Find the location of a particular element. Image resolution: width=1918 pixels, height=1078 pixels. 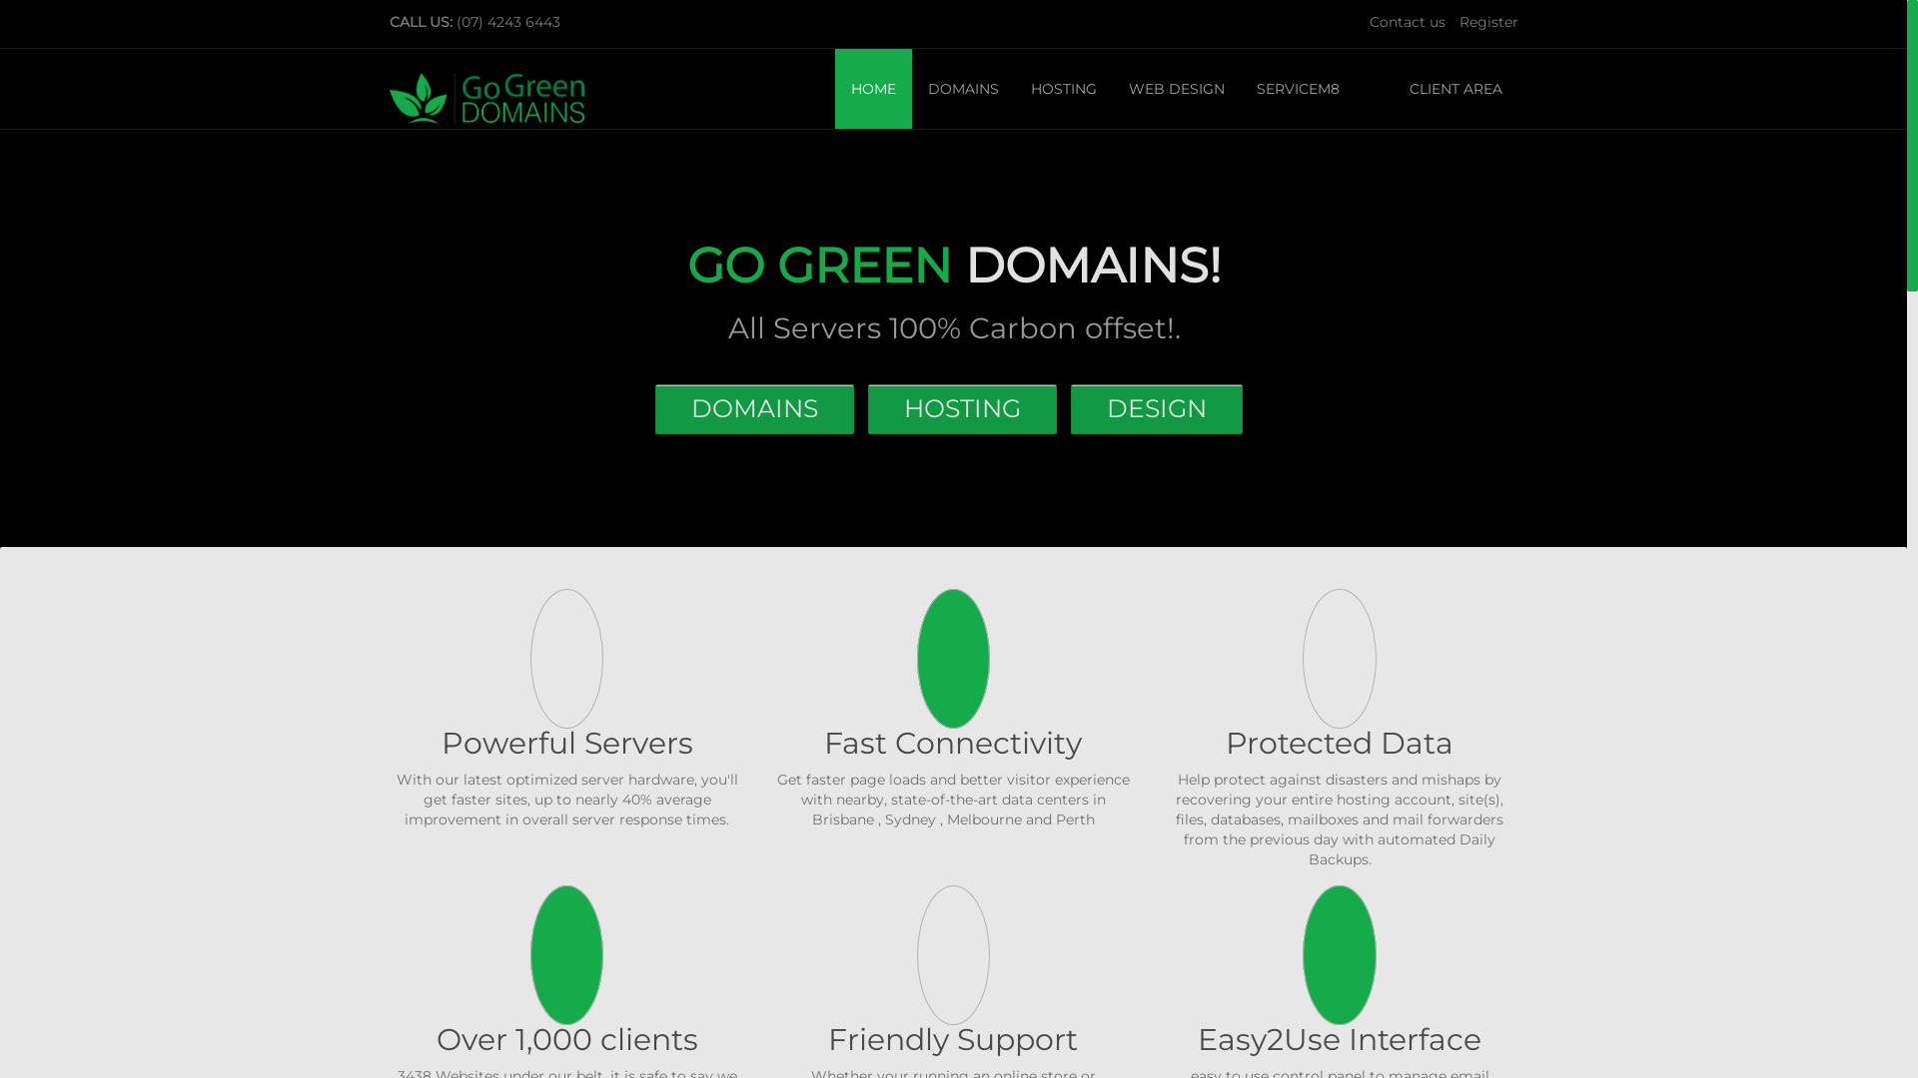

'Contact us' is located at coordinates (1405, 22).